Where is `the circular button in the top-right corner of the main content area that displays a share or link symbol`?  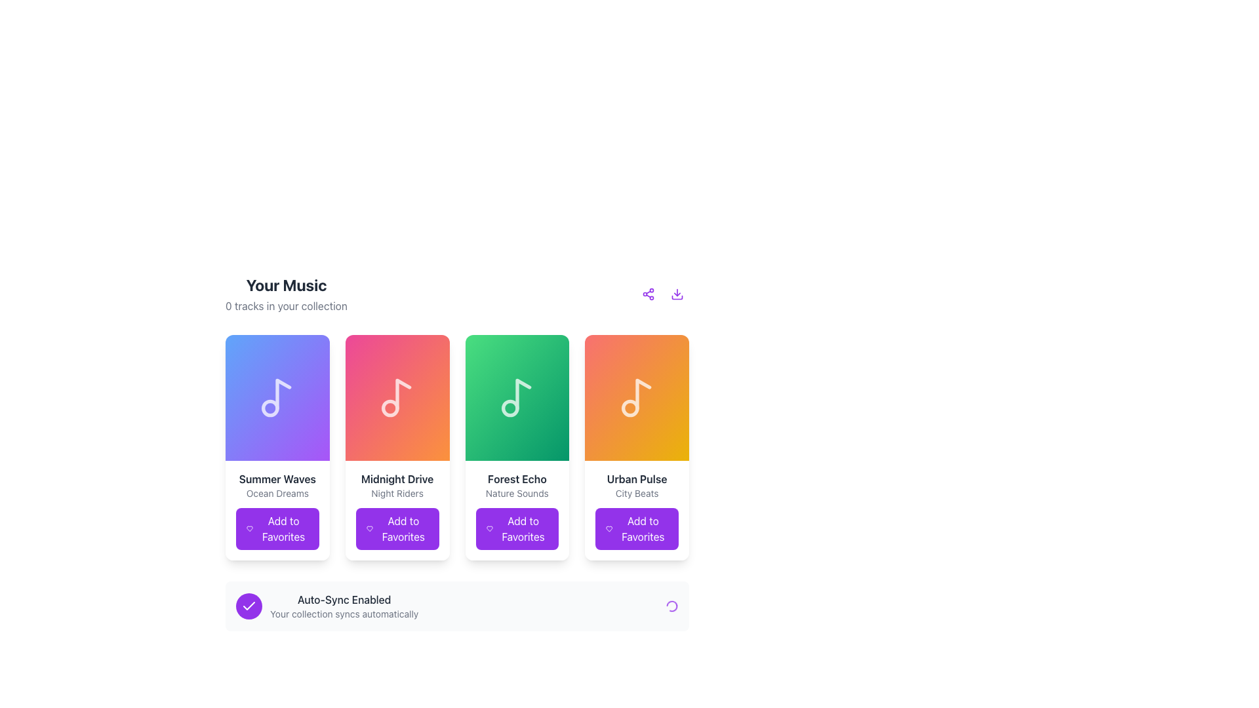
the circular button in the top-right corner of the main content area that displays a share or link symbol is located at coordinates (648, 293).